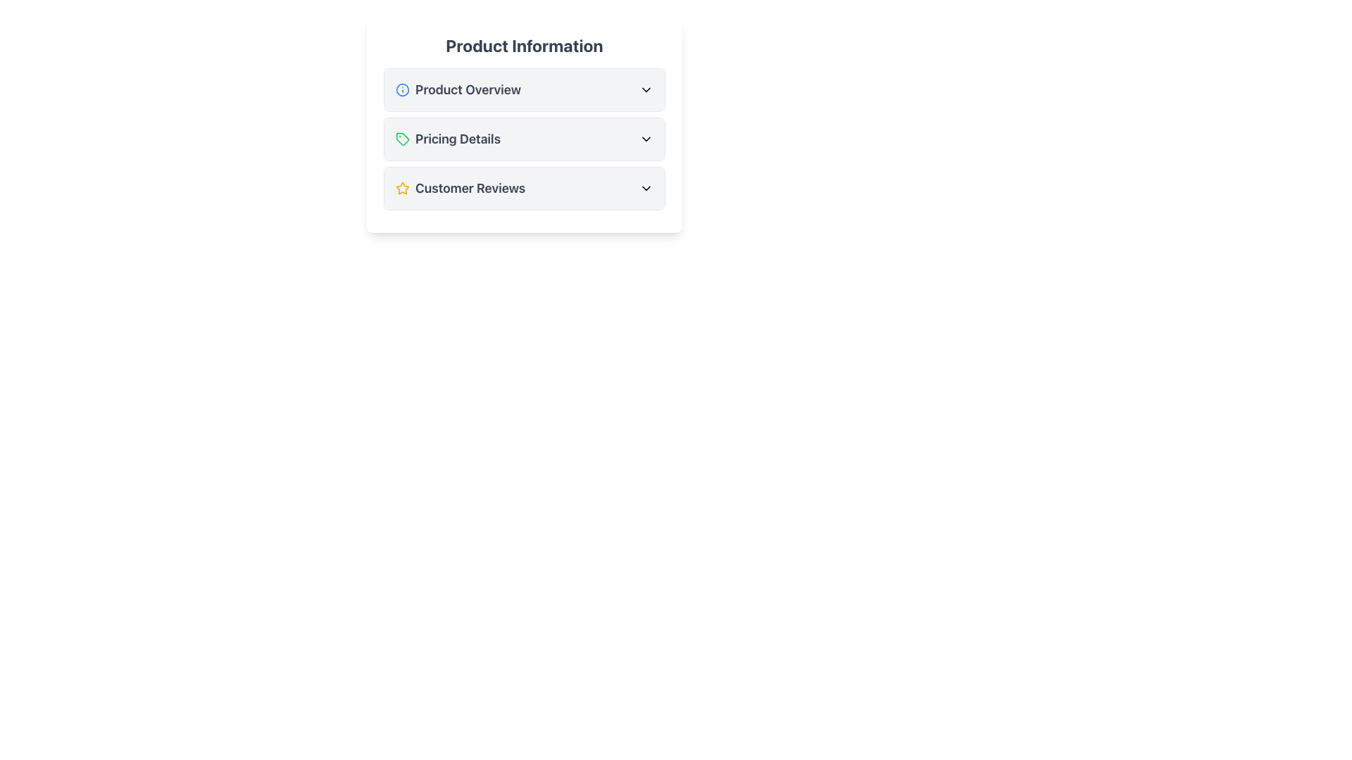 The height and width of the screenshot is (760, 1352). I want to click on the icon button located in the 'Pricing Details' row, so click(645, 139).